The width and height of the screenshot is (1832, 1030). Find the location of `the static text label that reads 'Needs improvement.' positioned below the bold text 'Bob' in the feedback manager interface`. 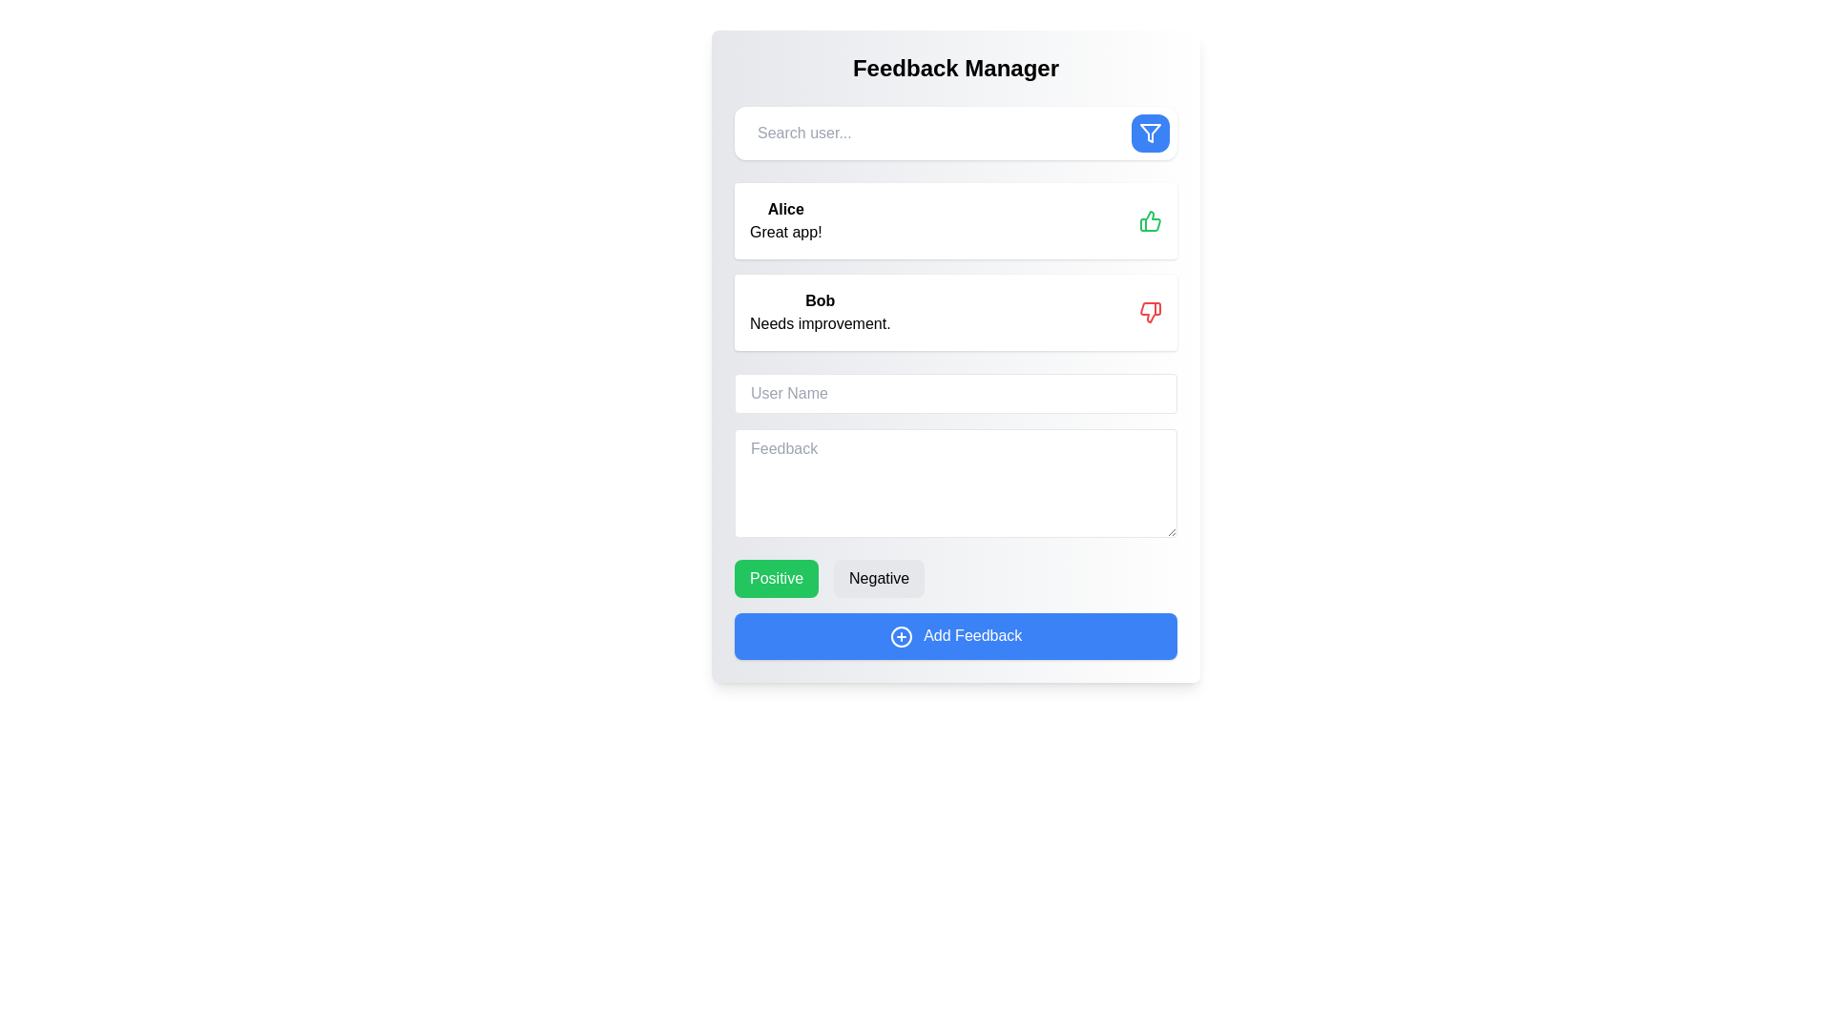

the static text label that reads 'Needs improvement.' positioned below the bold text 'Bob' in the feedback manager interface is located at coordinates (820, 322).